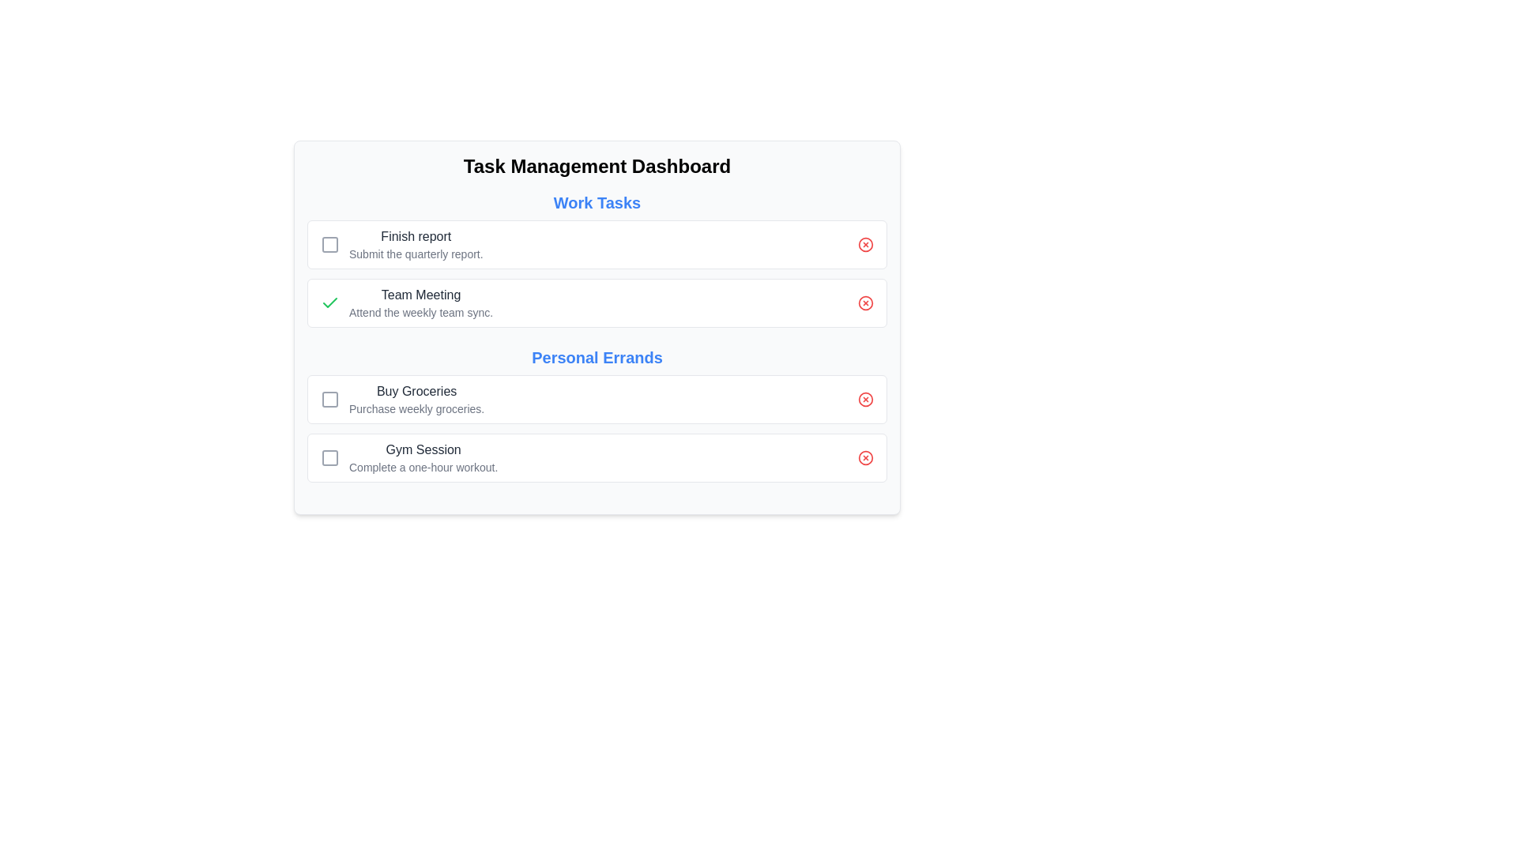  I want to click on the text label 'Personal Errands', which is styled in a large, bold, bright blue font and serves as a heading for the following tasks in the task management dashboard, so click(596, 357).